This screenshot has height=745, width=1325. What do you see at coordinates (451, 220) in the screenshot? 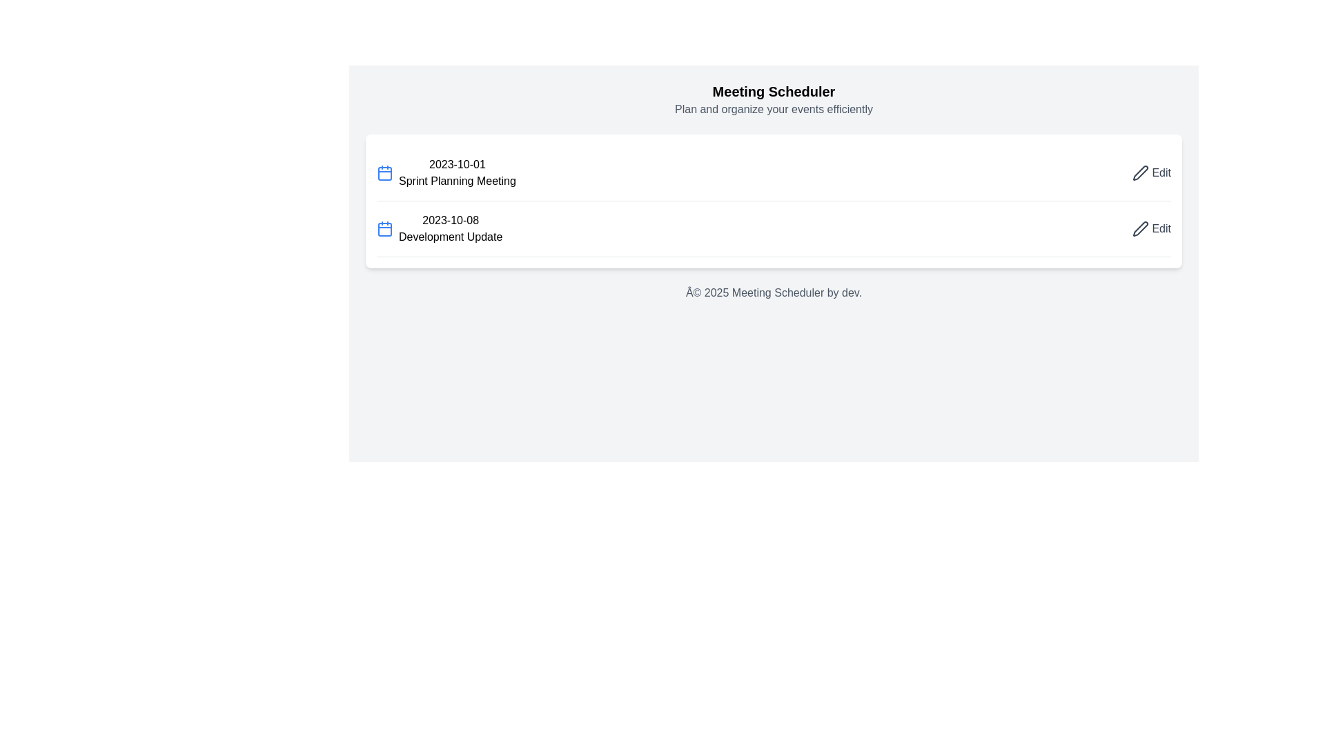
I see `the text label displaying '2023-10-08', which is positioned just above the 'Development Update' text in the second row of the vertically arranged list of events` at bounding box center [451, 220].